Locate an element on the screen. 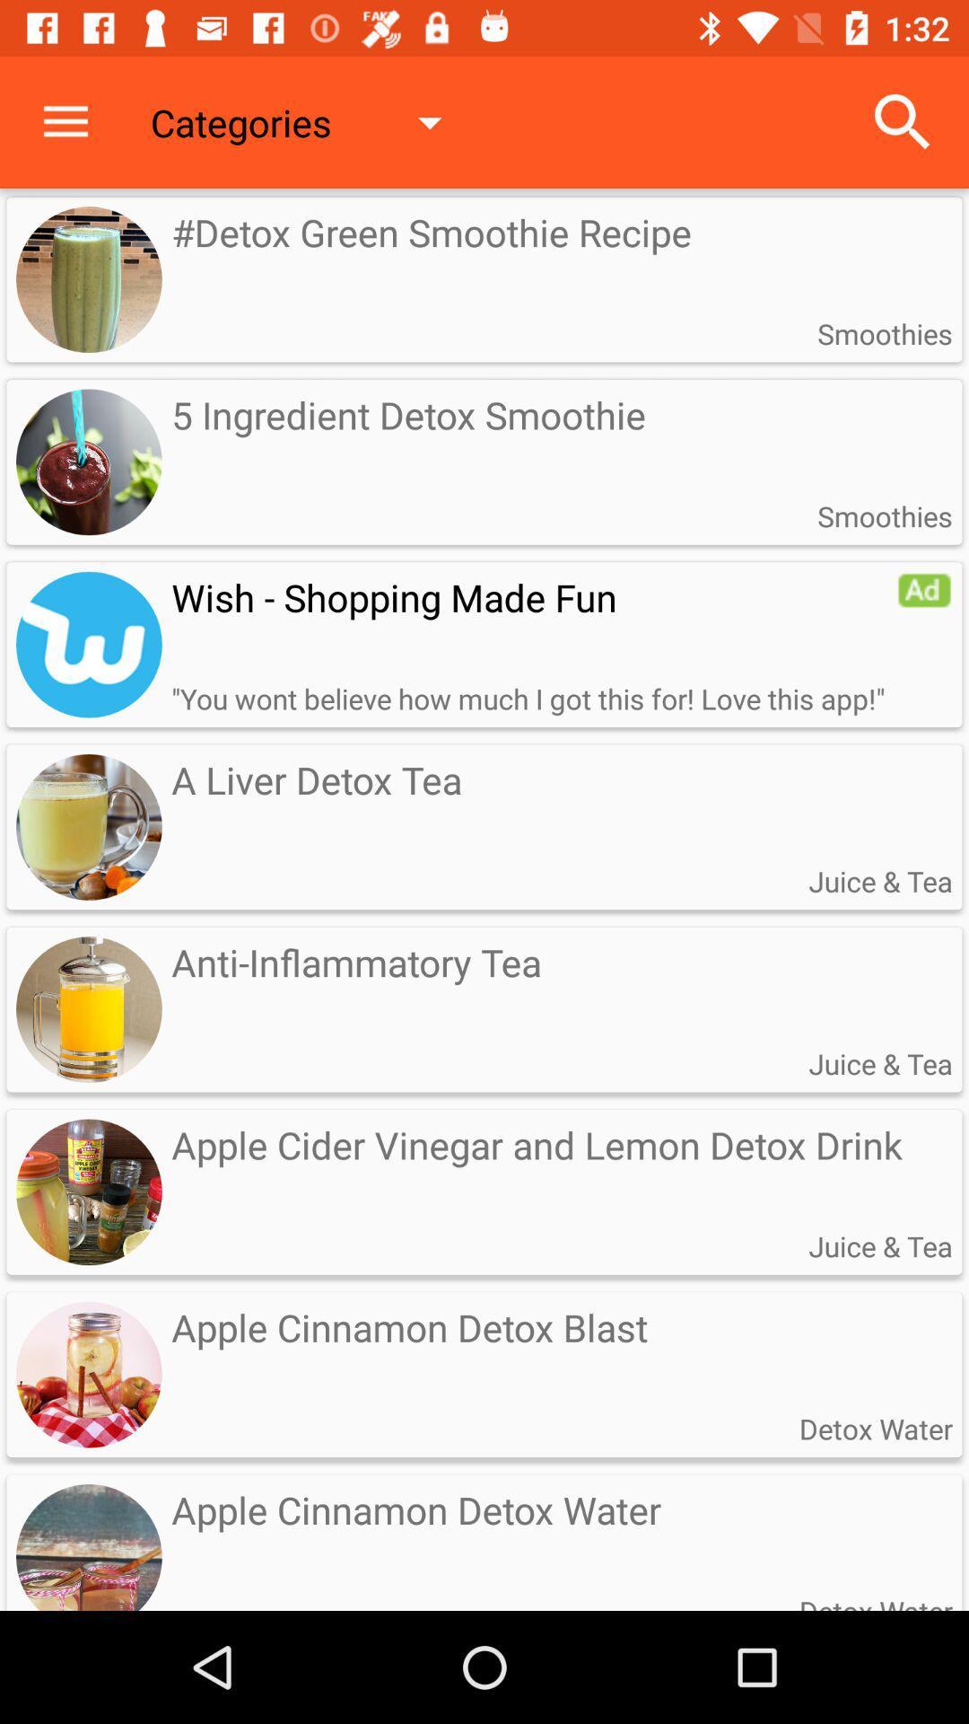  logo of wish app is located at coordinates (89, 645).